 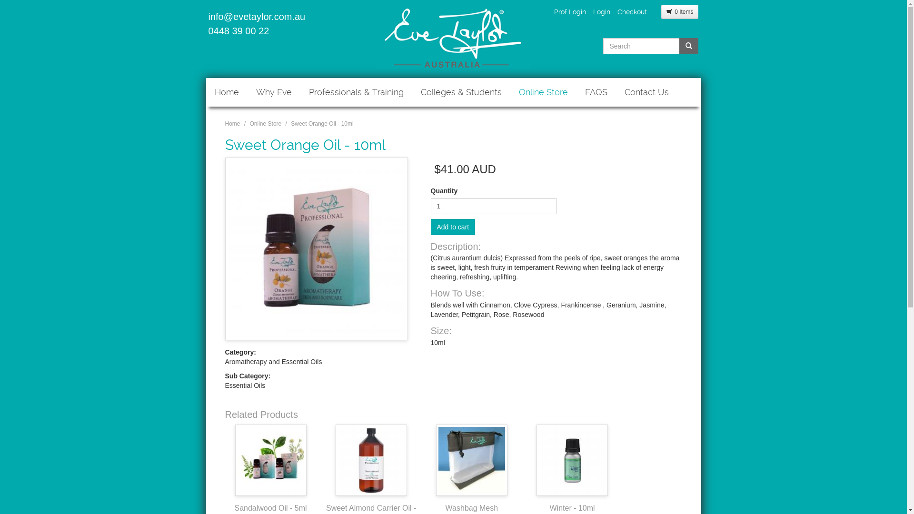 What do you see at coordinates (0, 0) in the screenshot?
I see `'Skip to main content'` at bounding box center [0, 0].